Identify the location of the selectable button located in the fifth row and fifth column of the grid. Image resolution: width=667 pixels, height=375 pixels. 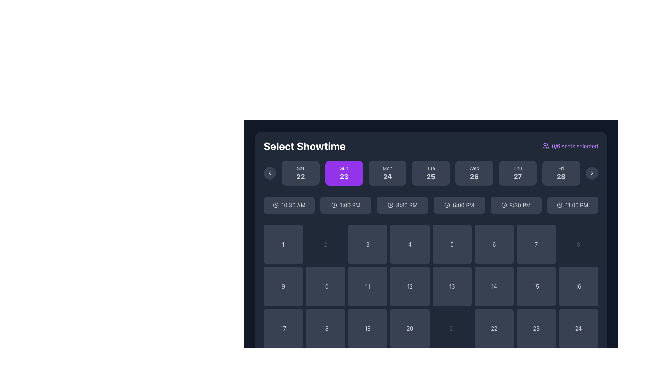
(452, 286).